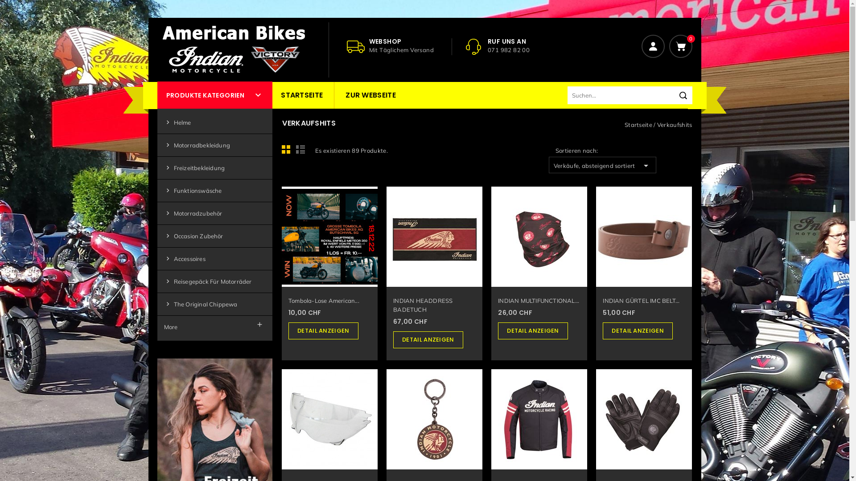  Describe the element at coordinates (301, 151) in the screenshot. I see `'List'` at that location.